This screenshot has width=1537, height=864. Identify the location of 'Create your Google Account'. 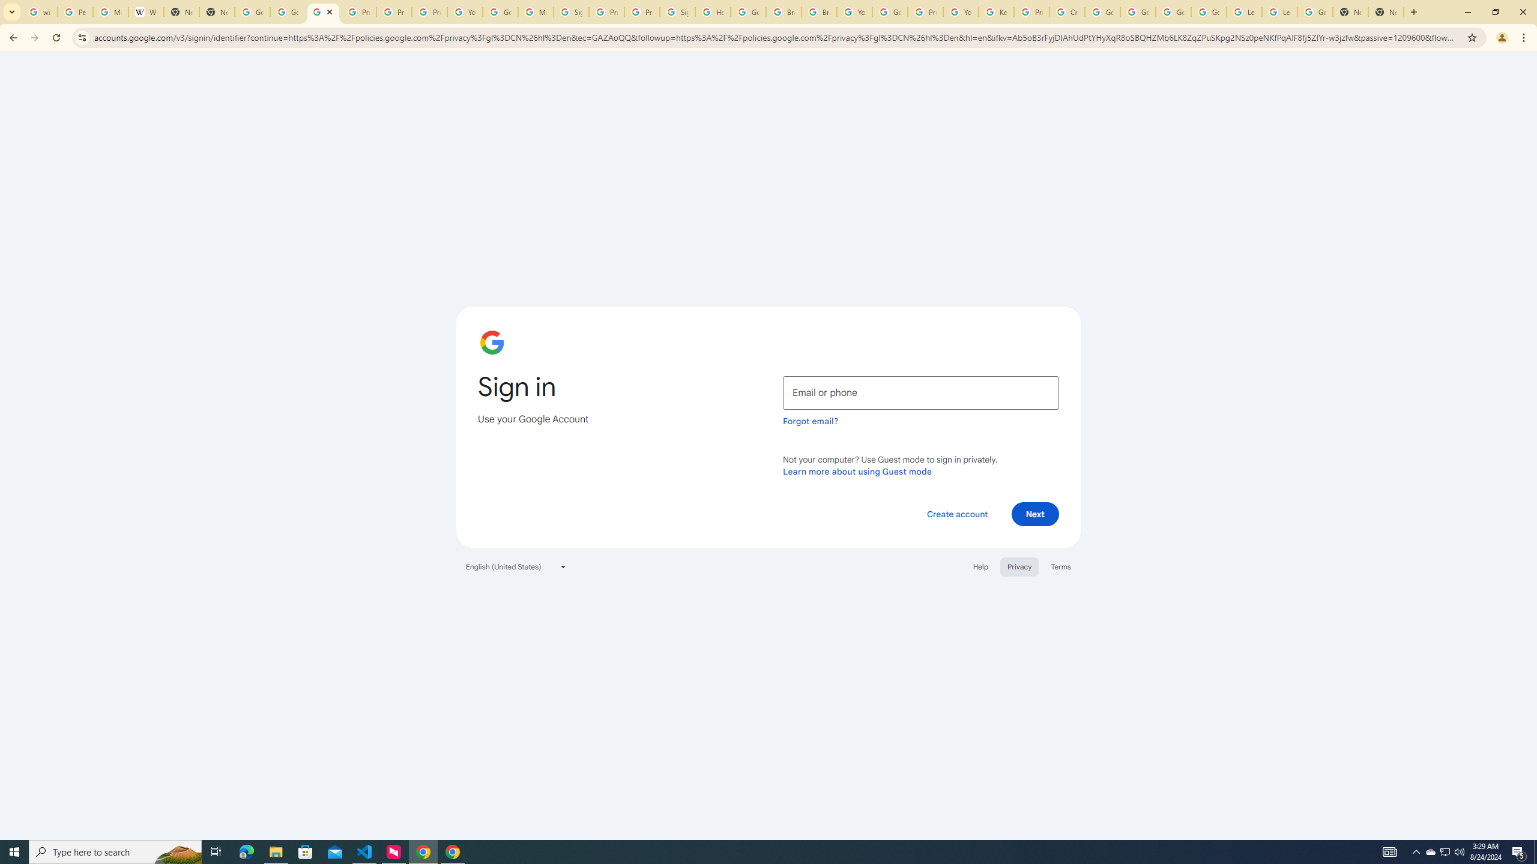
(1066, 11).